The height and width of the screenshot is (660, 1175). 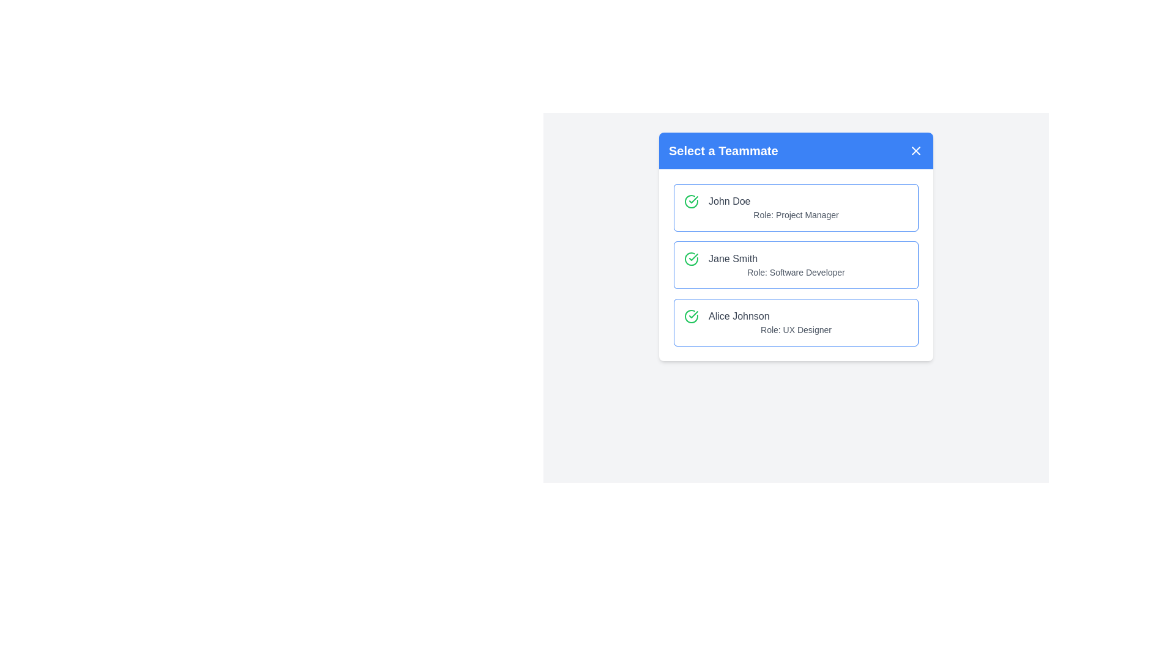 I want to click on the row corresponding to John Doe to select them, so click(x=796, y=207).